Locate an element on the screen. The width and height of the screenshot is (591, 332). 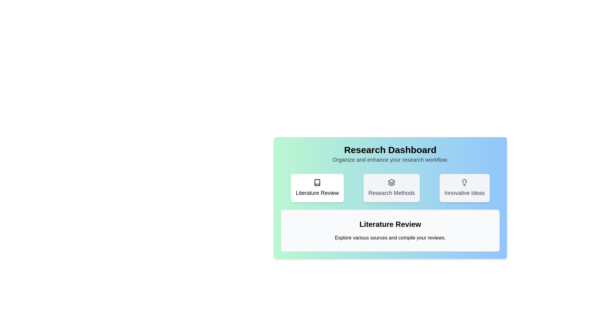
the icon for the section Innovative Ideas to observe it is located at coordinates (464, 188).